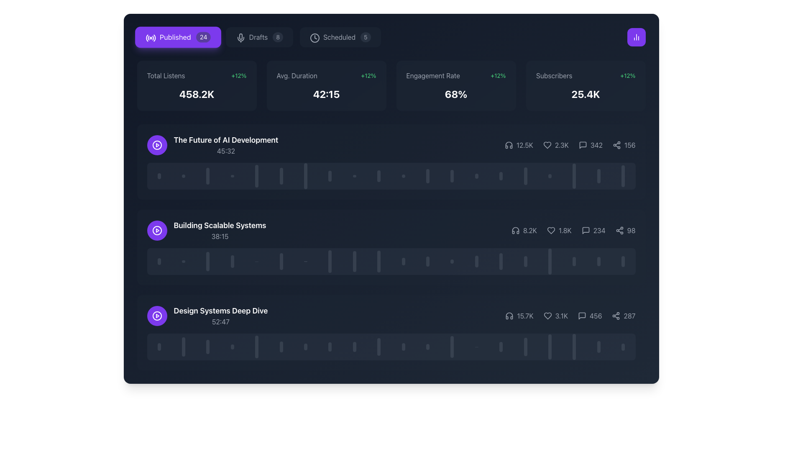 The height and width of the screenshot is (452, 803). I want to click on value represented by the 16th vertical progress marker or histogram bar, which is a mid-gray, vertically elongated rectangle with rounded top and bottom, located in the second section of the visualized timeline, so click(525, 261).